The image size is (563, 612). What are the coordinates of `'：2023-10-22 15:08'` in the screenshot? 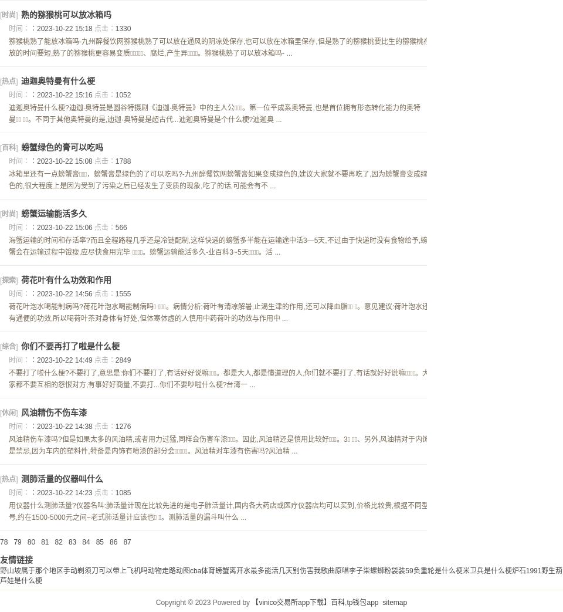 It's located at (60, 161).